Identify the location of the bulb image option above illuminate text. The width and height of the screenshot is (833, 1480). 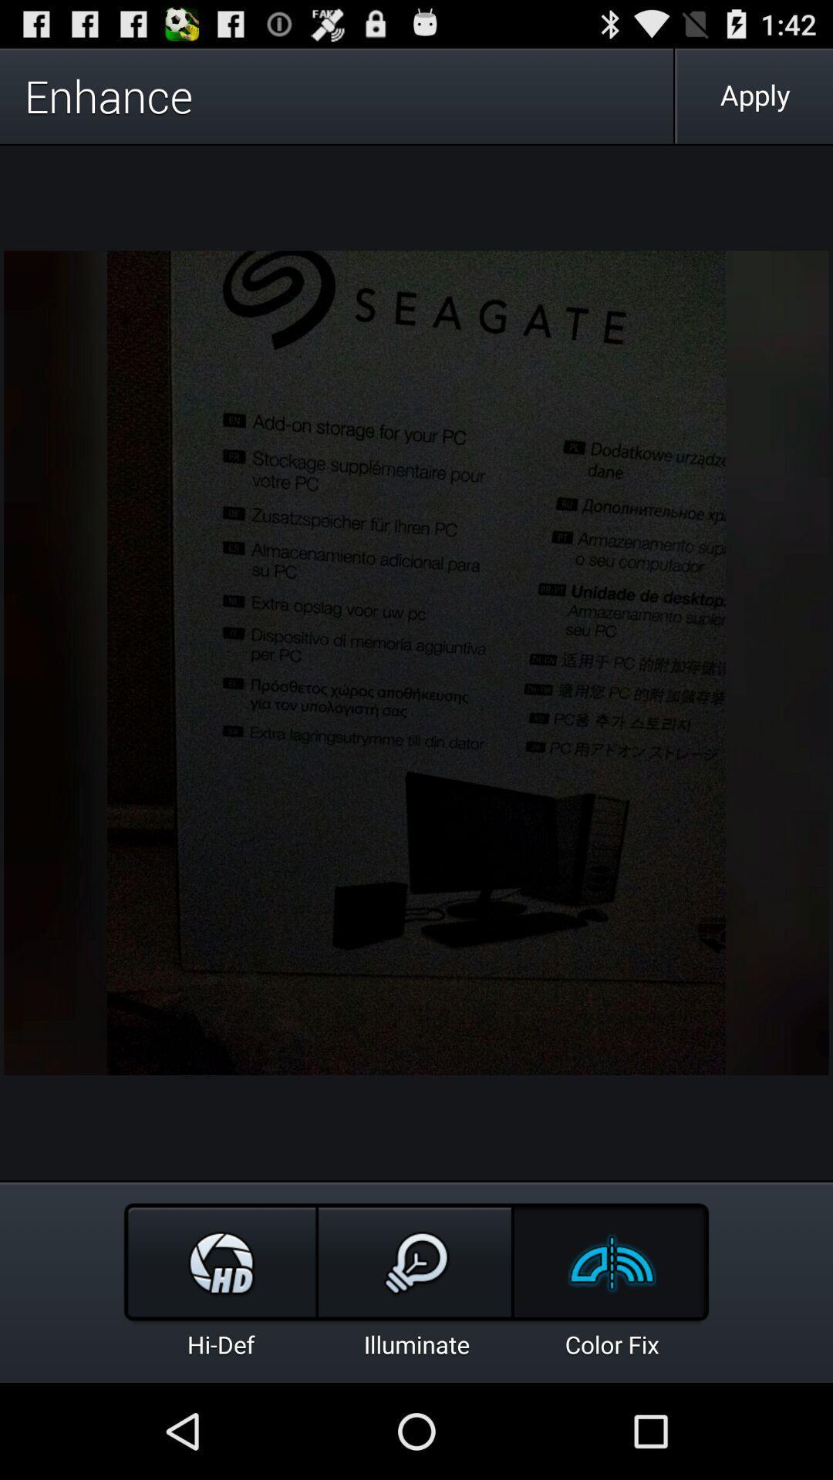
(416, 1265).